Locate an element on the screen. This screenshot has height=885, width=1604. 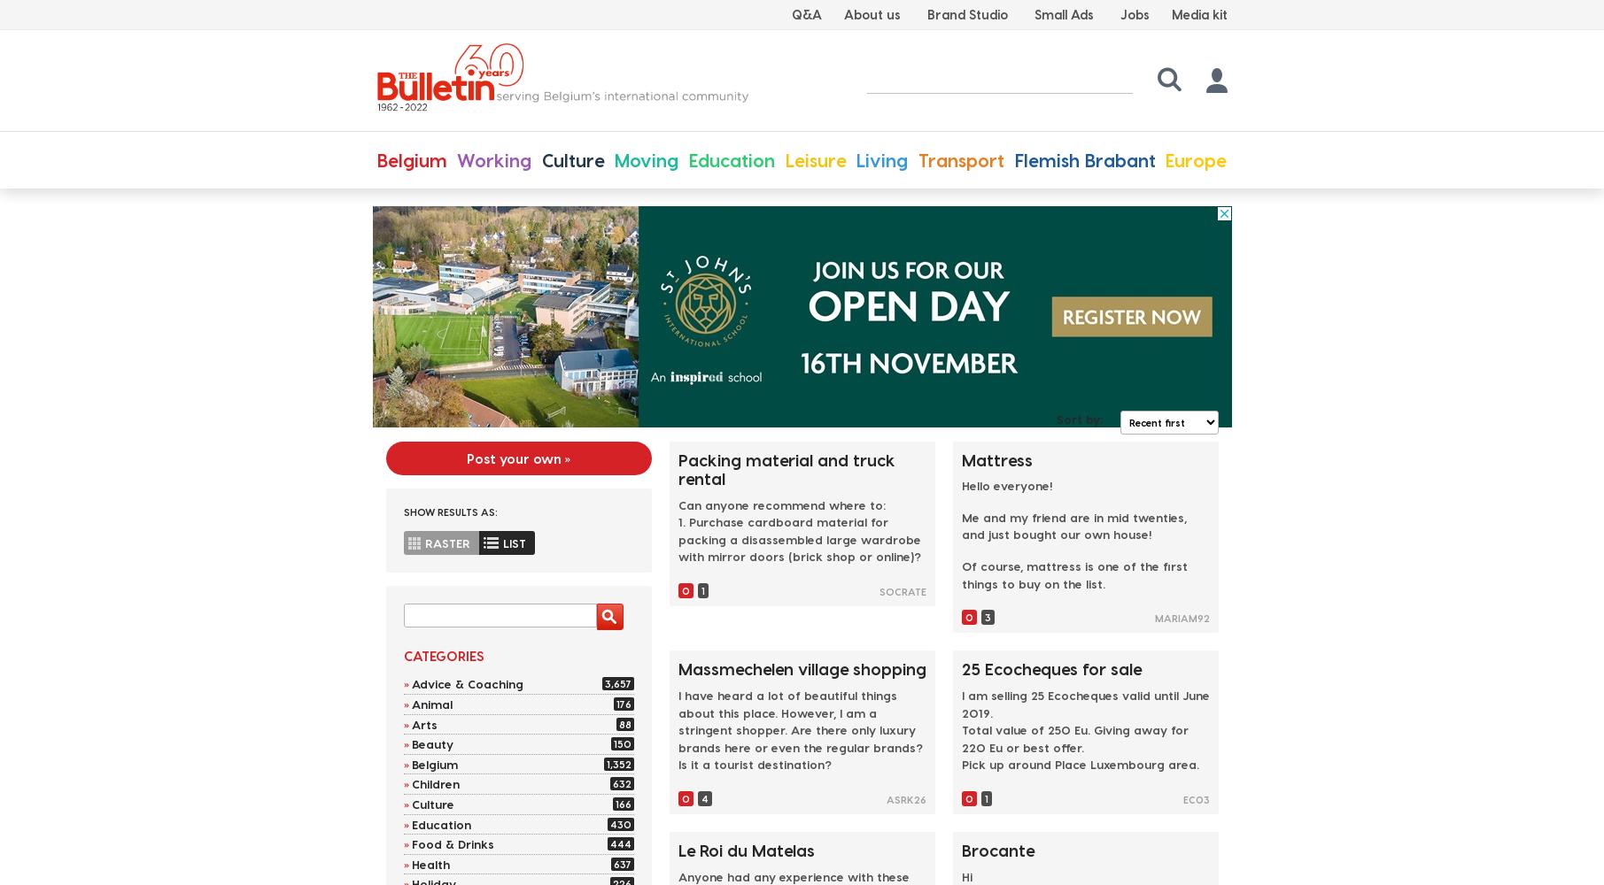
'88' is located at coordinates (624, 722).